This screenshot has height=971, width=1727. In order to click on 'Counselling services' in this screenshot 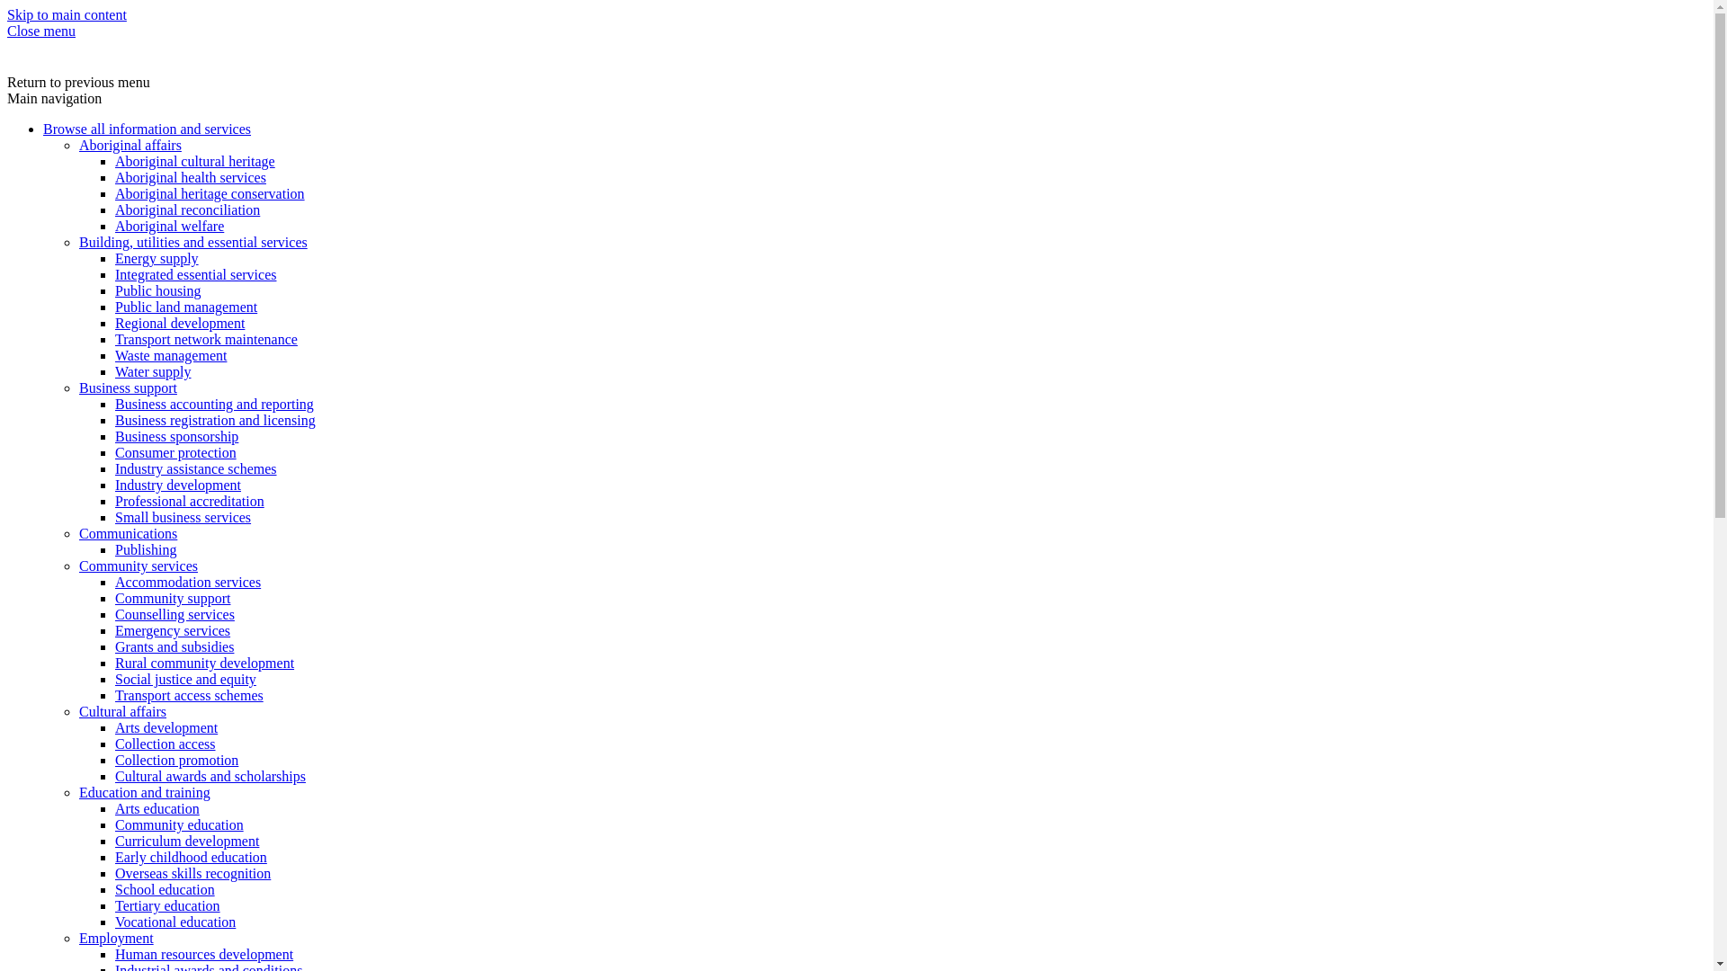, I will do `click(174, 613)`.